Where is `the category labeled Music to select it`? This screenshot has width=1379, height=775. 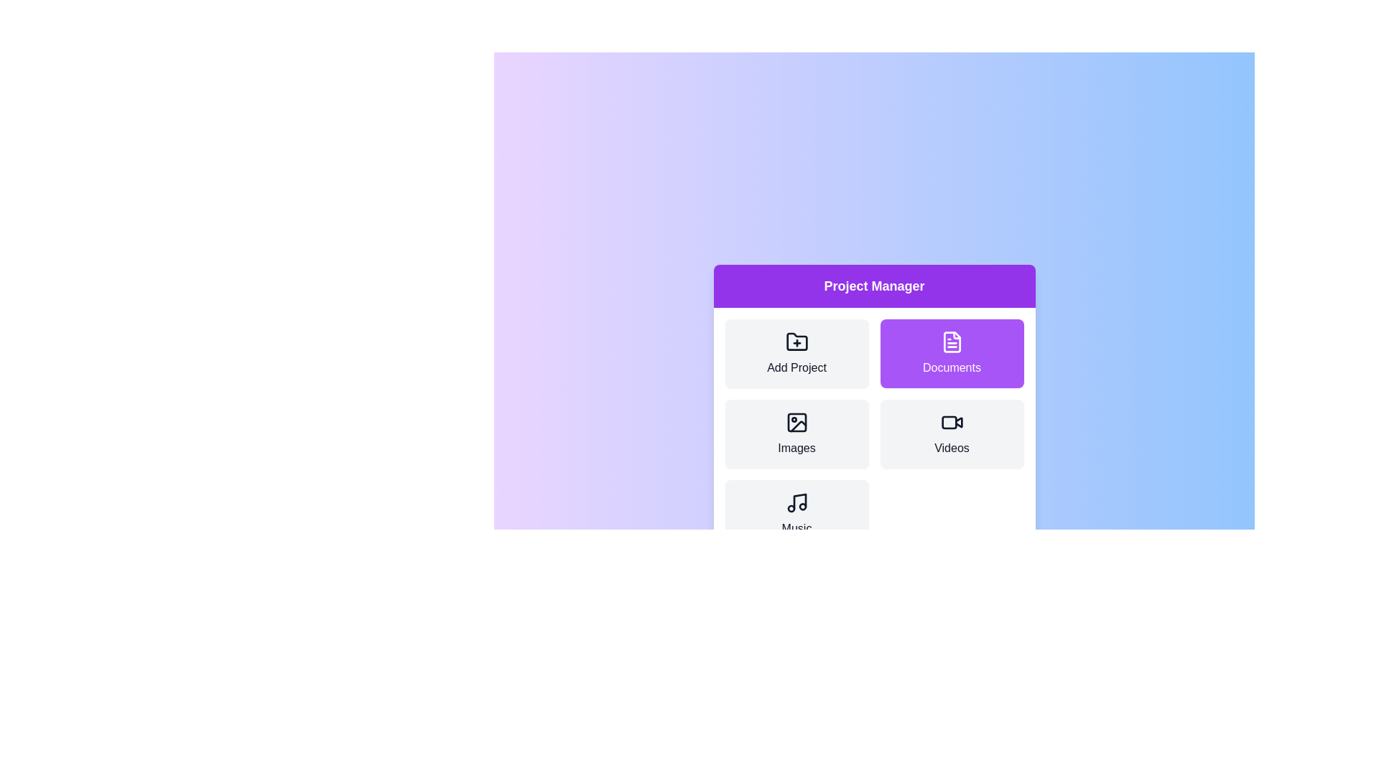 the category labeled Music to select it is located at coordinates (796, 514).